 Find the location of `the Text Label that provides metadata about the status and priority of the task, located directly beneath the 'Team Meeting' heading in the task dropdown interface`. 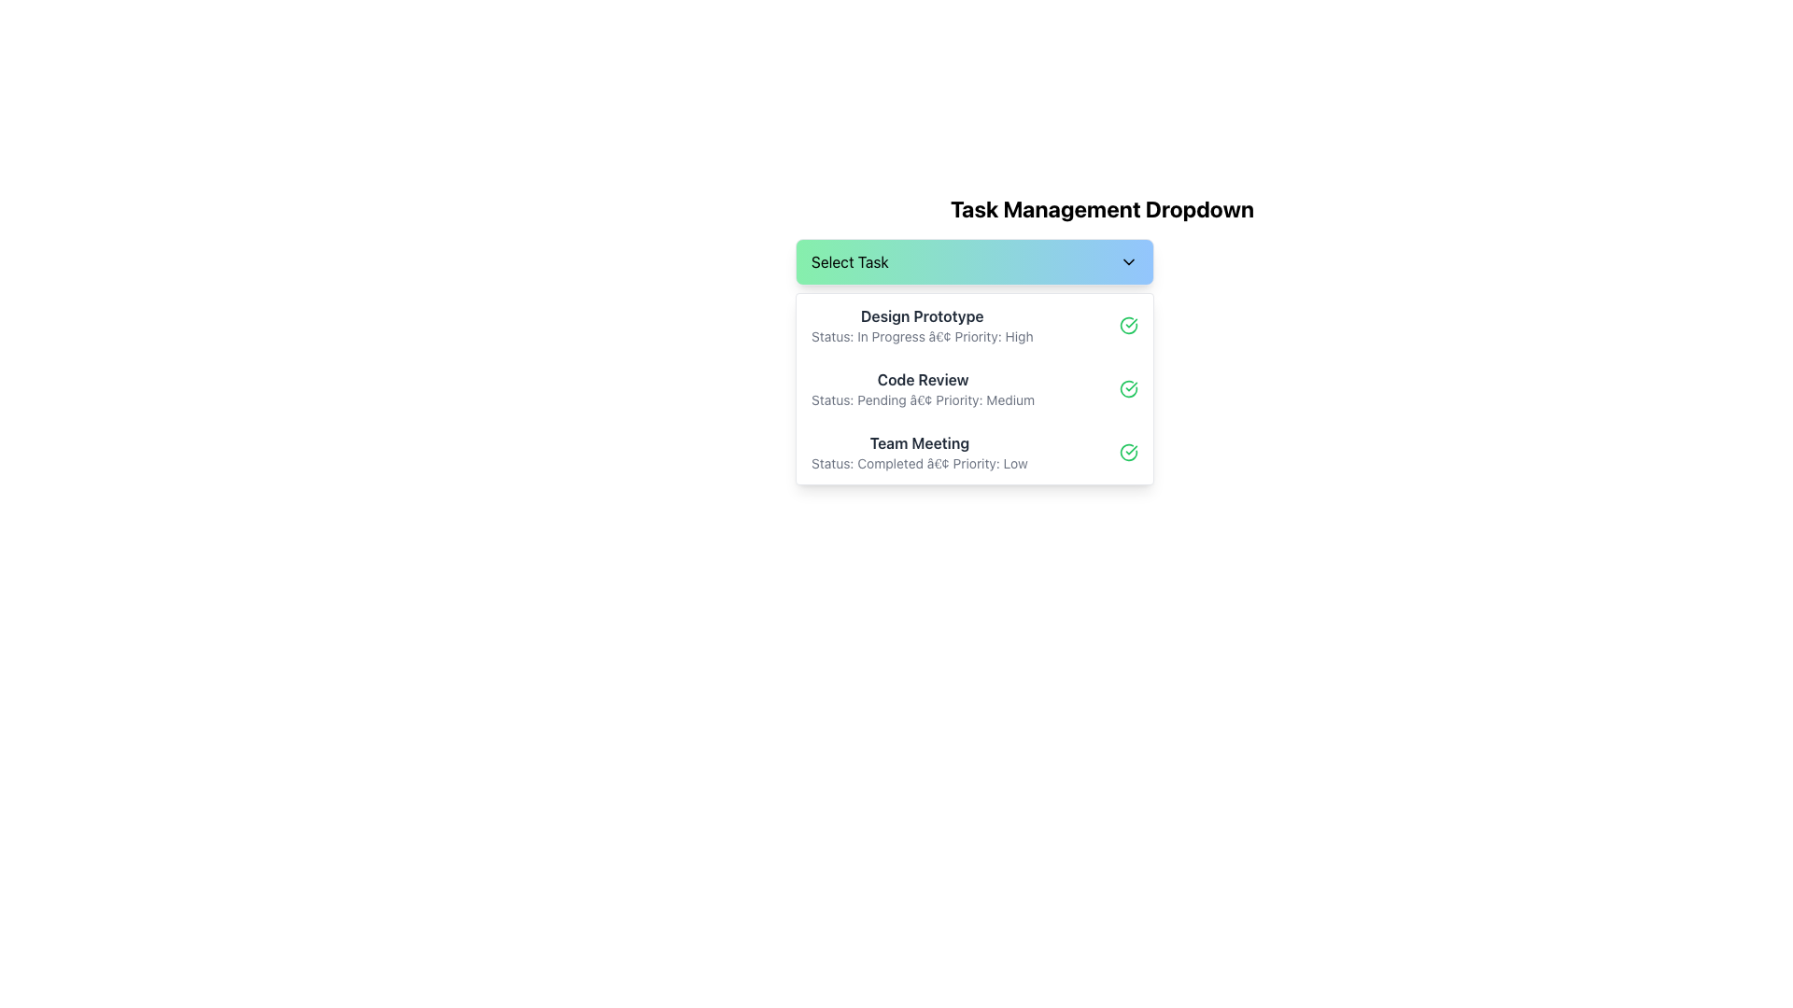

the Text Label that provides metadata about the status and priority of the task, located directly beneath the 'Team Meeting' heading in the task dropdown interface is located at coordinates (919, 463).